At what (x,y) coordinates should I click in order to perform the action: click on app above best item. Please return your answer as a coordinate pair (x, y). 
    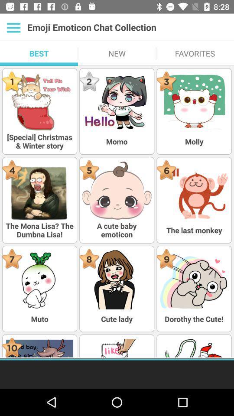
    Looking at the image, I should click on (13, 27).